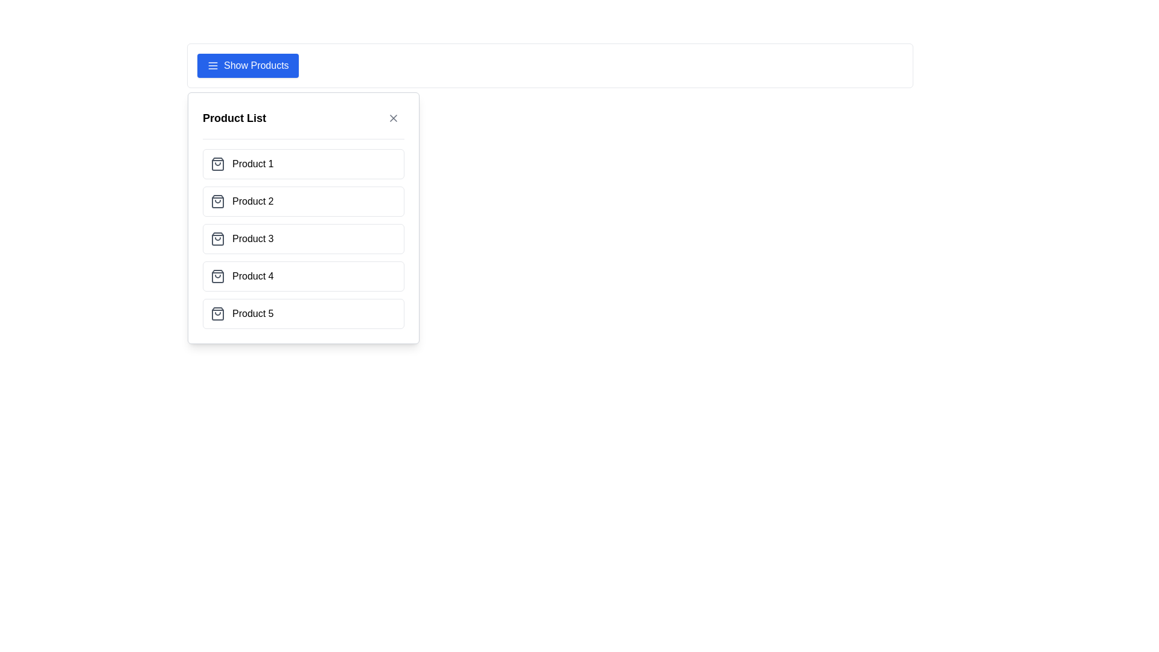  What do you see at coordinates (217, 164) in the screenshot?
I see `the shopping bag icon located to the left of the 'Product 1' text in the product list` at bounding box center [217, 164].